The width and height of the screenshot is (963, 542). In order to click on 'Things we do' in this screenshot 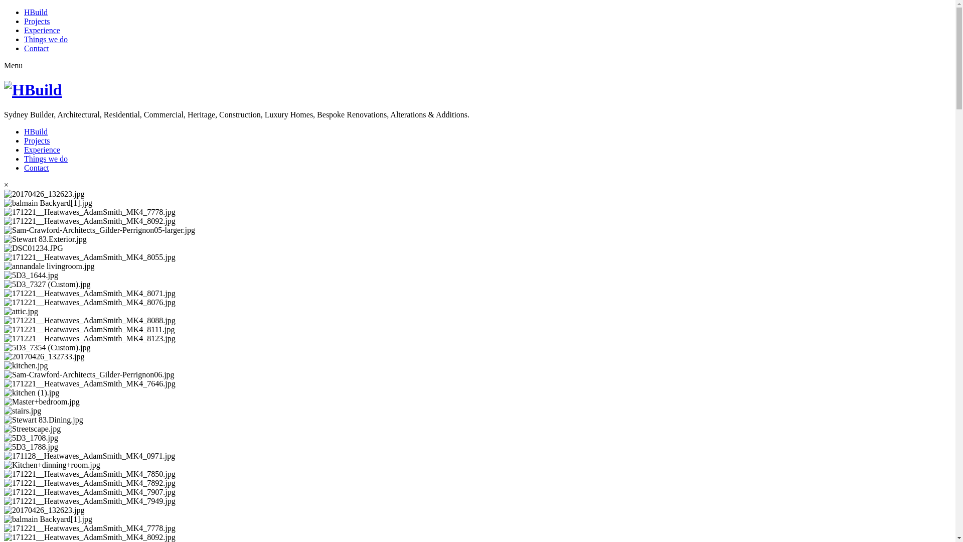, I will do `click(45, 158)`.